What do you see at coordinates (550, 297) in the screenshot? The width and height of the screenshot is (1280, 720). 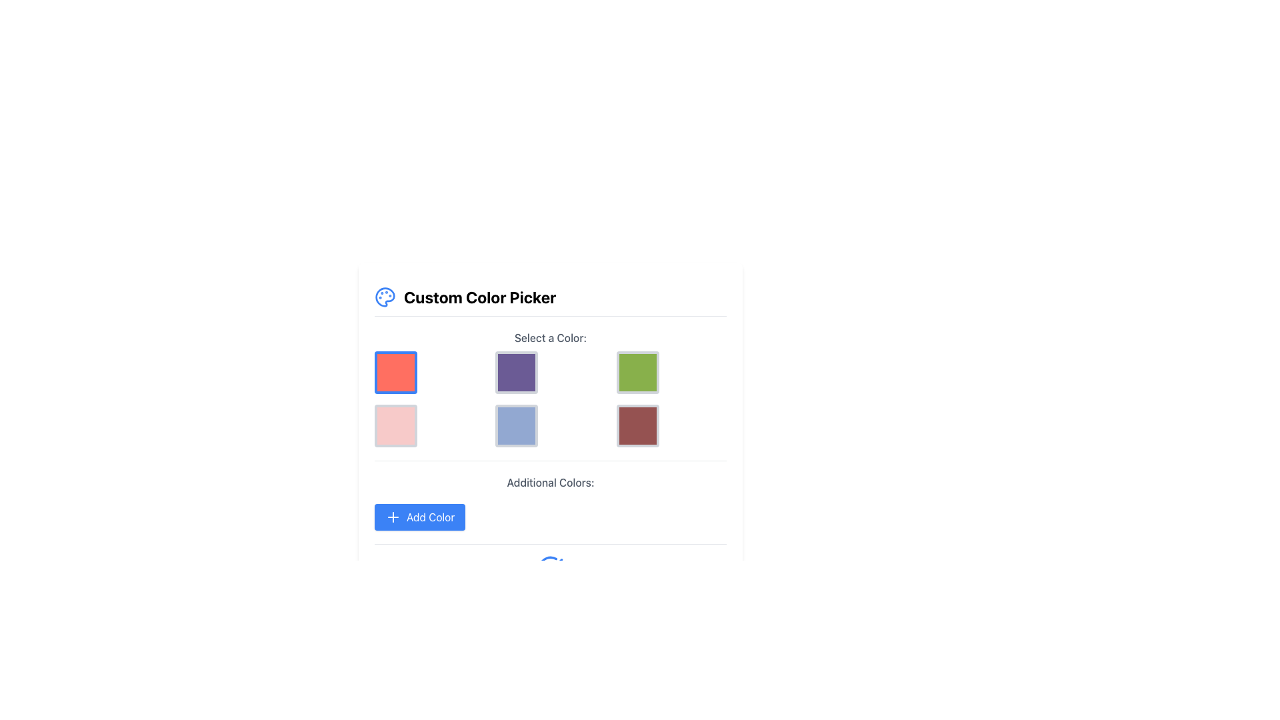 I see `the 'Custom Color Picker' header which features bold text and a blue palette icon, located at the top of the color selection interface` at bounding box center [550, 297].